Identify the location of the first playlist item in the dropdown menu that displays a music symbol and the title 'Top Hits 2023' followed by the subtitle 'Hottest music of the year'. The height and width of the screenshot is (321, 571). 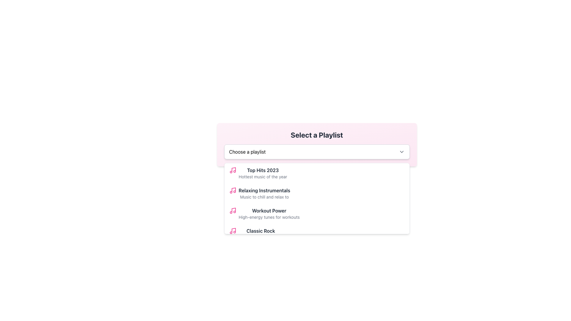
(316, 173).